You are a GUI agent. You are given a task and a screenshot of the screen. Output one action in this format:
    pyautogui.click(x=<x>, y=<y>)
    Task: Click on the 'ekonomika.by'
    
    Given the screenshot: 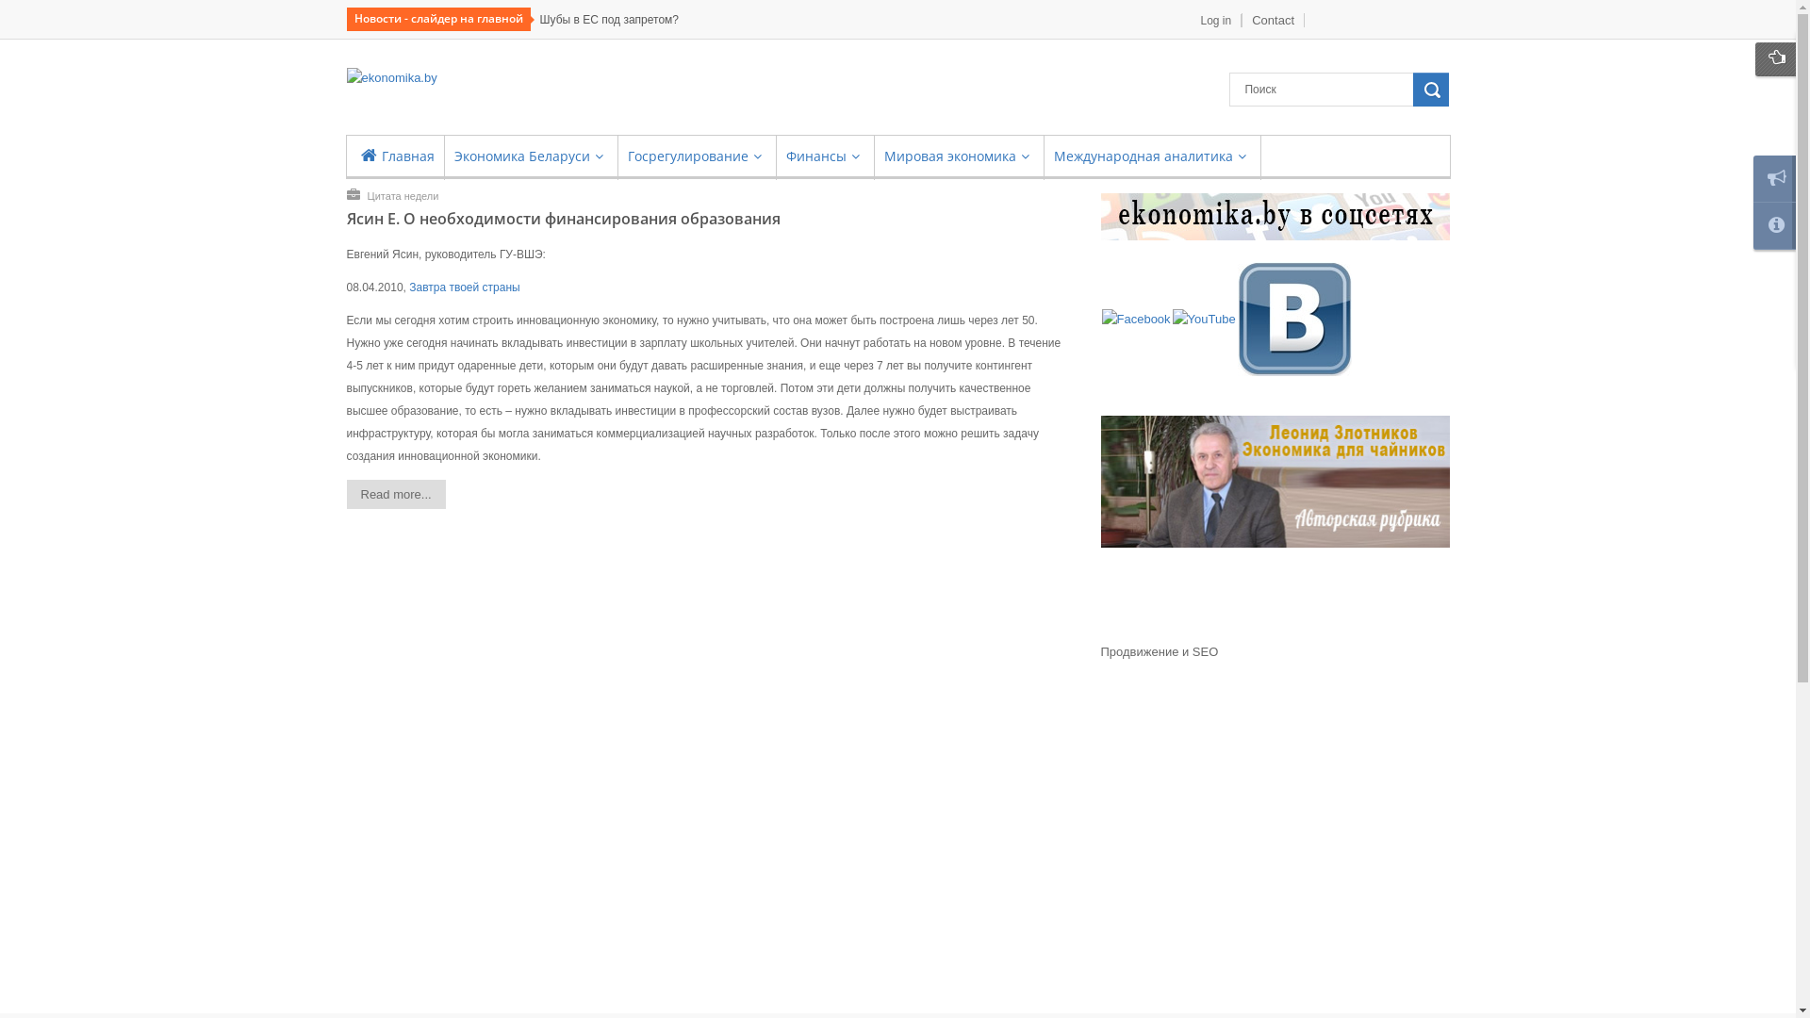 What is the action you would take?
    pyautogui.click(x=391, y=77)
    